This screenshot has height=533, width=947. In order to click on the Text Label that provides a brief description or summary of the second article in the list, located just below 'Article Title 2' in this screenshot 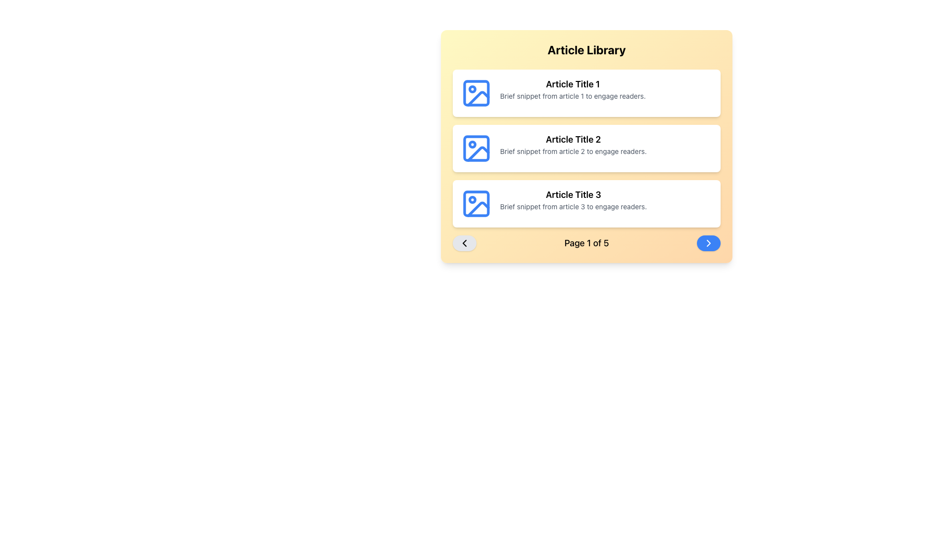, I will do `click(573, 152)`.